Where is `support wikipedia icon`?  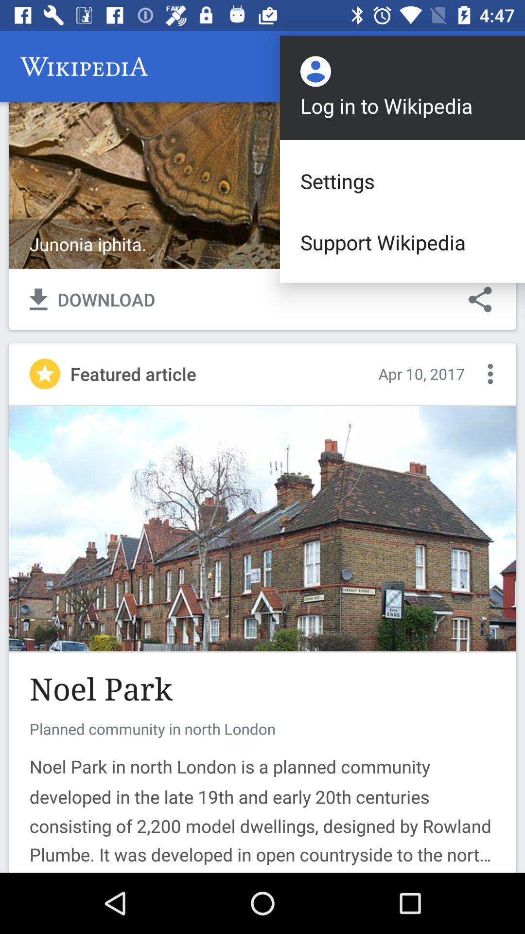 support wikipedia icon is located at coordinates (402, 242).